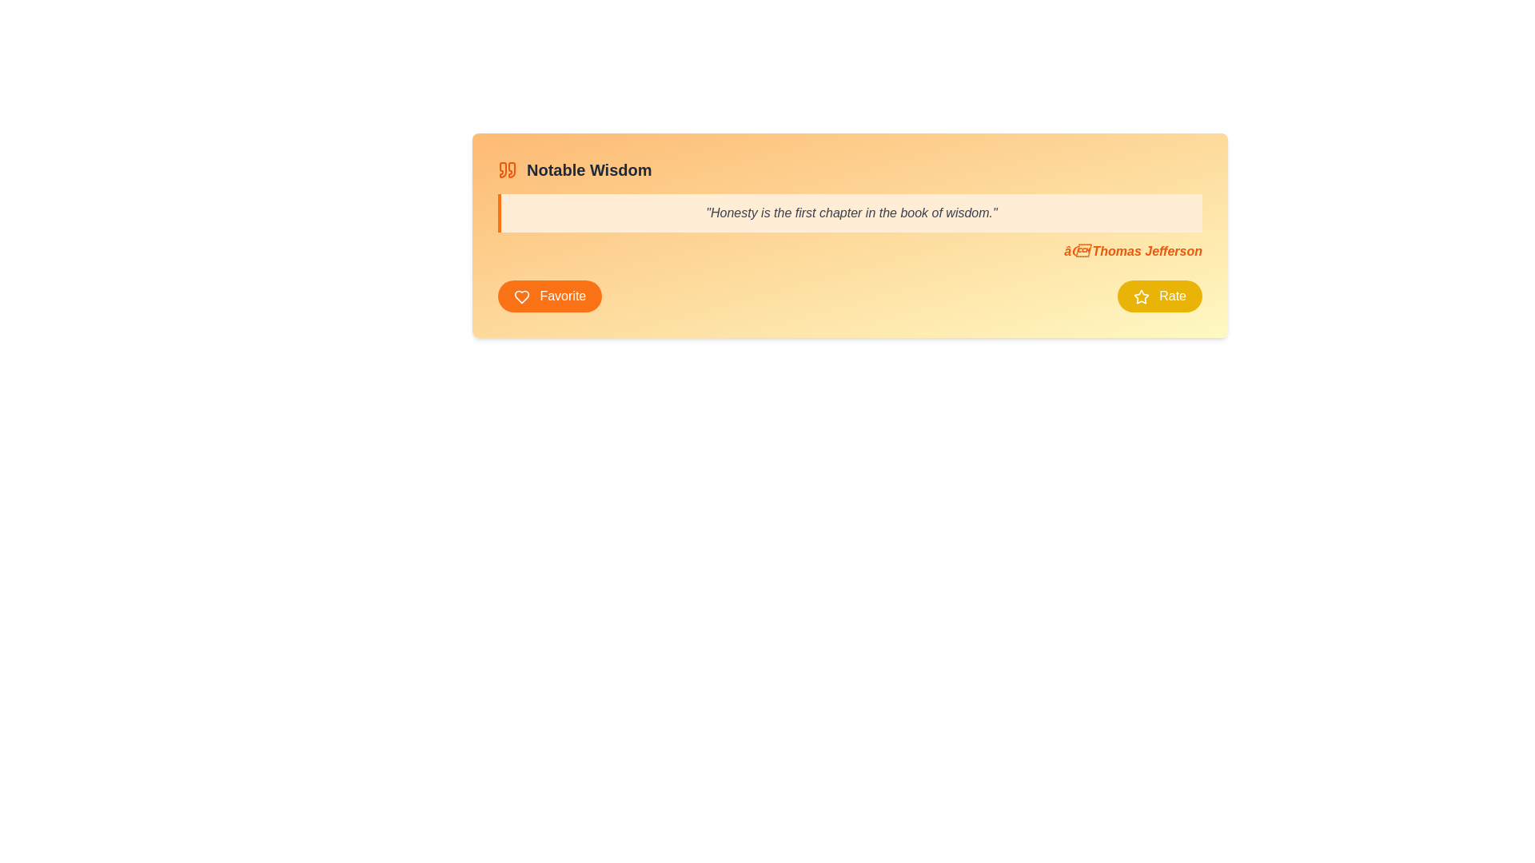  I want to click on the favorite button located at the bottom left of the panel, positioned to the left of the 'Rate' button, so click(550, 296).